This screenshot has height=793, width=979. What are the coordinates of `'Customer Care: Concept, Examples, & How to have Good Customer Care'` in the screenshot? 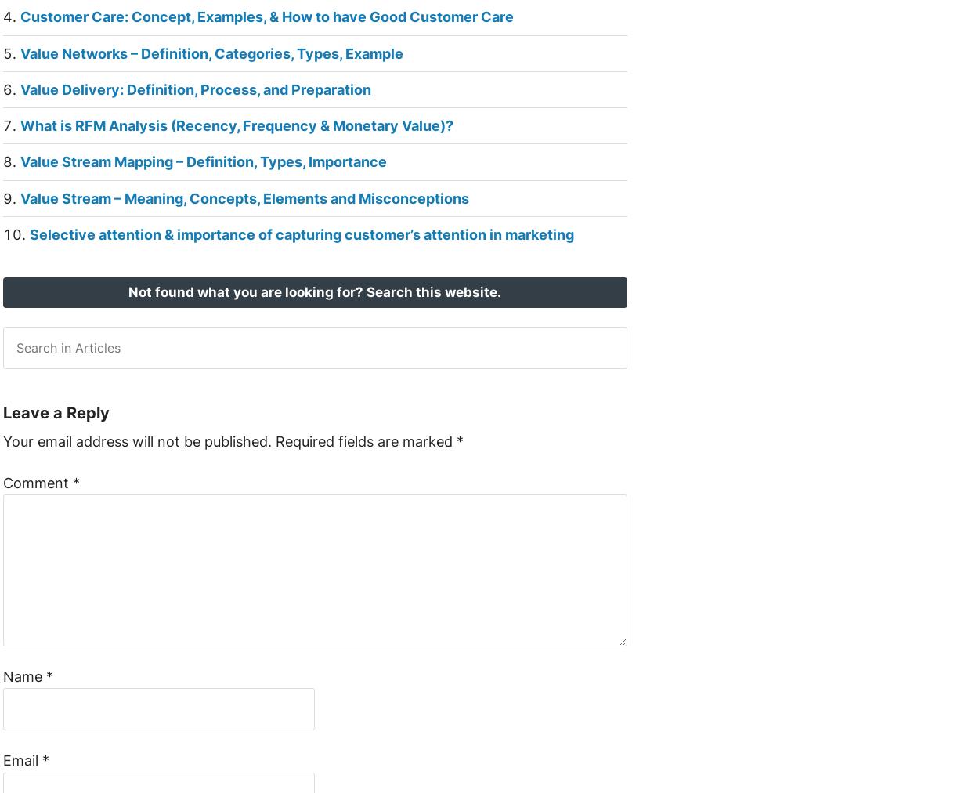 It's located at (20, 16).